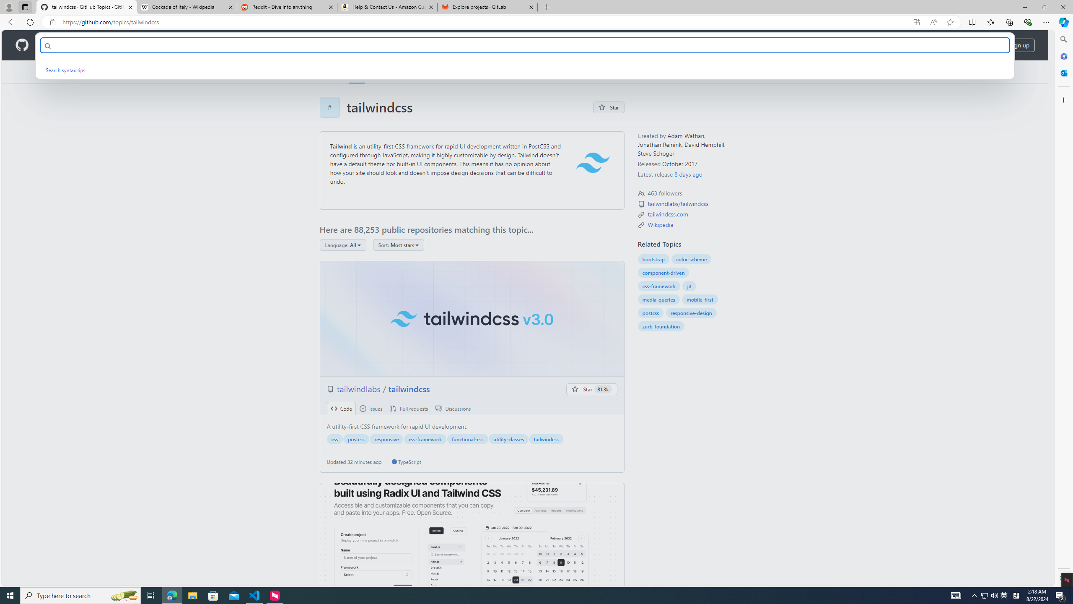 The width and height of the screenshot is (1073, 604). Describe the element at coordinates (593, 162) in the screenshot. I see `'tailwind logo'` at that location.